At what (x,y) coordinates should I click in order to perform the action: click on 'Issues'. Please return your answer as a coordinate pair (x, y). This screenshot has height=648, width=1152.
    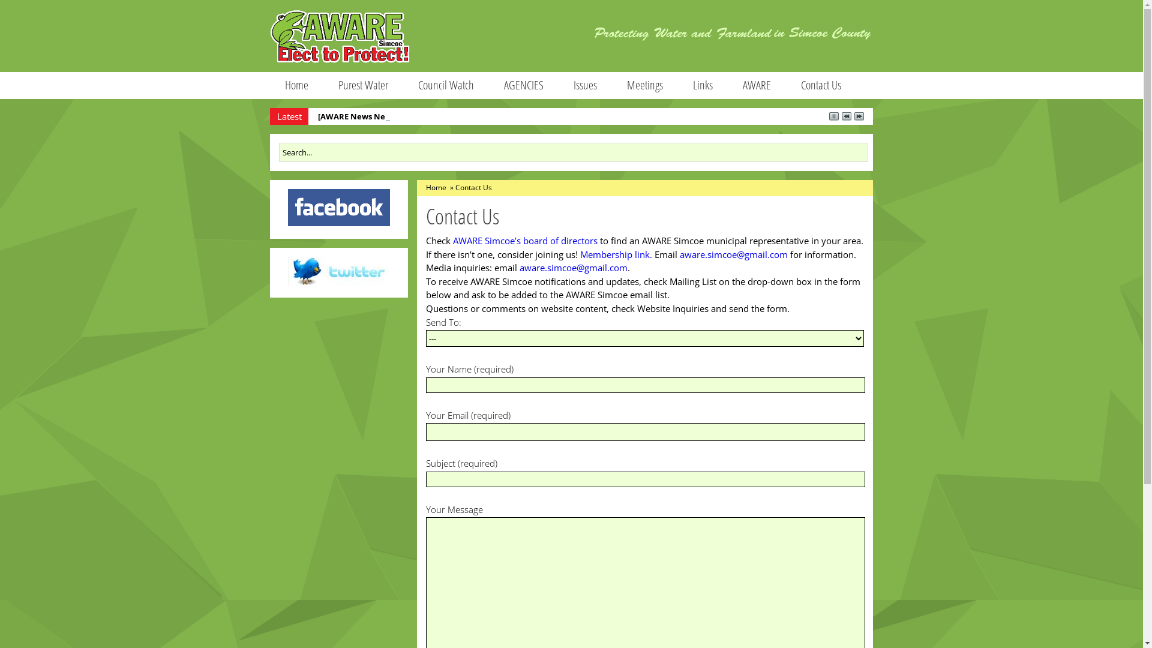
    Looking at the image, I should click on (585, 85).